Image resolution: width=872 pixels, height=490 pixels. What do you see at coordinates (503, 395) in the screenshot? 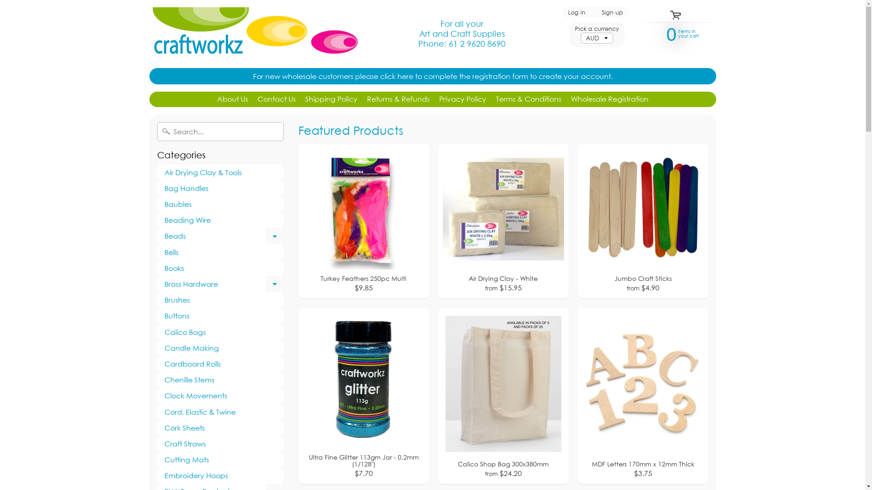
I see `'Calico Shop Bag 300x380mm` at bounding box center [503, 395].